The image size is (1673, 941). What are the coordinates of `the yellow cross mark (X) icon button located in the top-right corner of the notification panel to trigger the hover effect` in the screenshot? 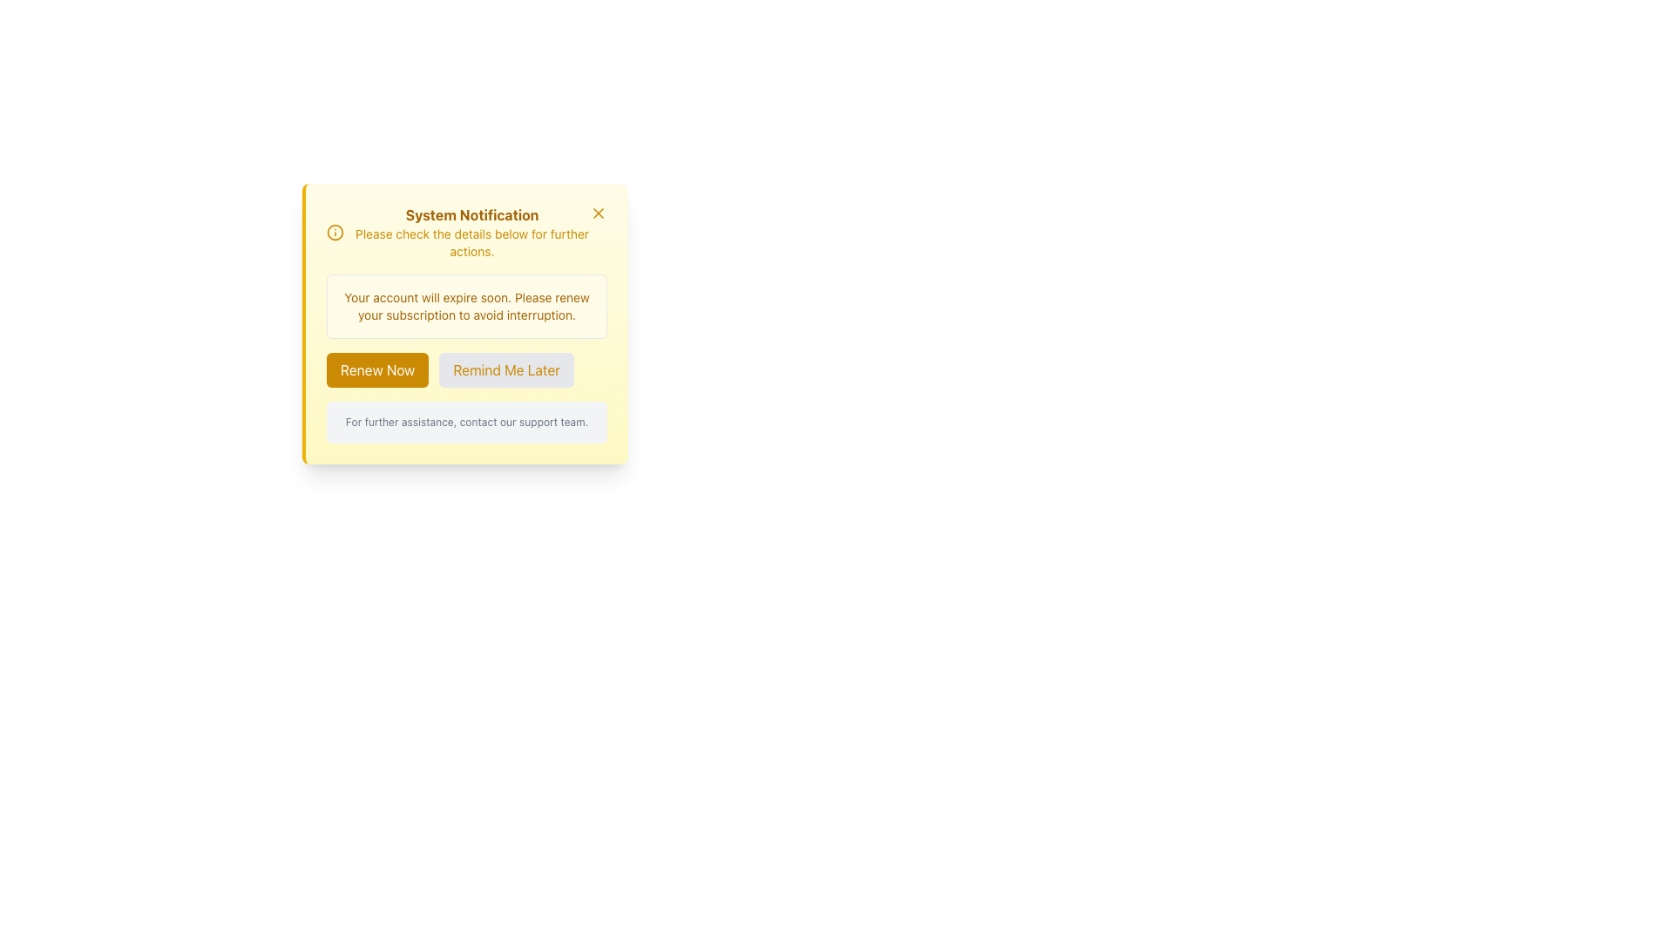 It's located at (598, 213).